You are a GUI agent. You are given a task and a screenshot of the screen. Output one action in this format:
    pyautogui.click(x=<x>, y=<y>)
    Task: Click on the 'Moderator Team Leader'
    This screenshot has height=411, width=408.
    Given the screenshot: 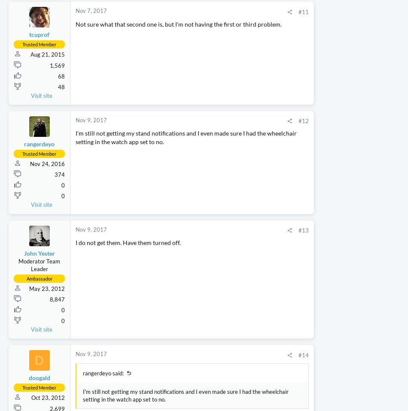 What is the action you would take?
    pyautogui.click(x=39, y=315)
    